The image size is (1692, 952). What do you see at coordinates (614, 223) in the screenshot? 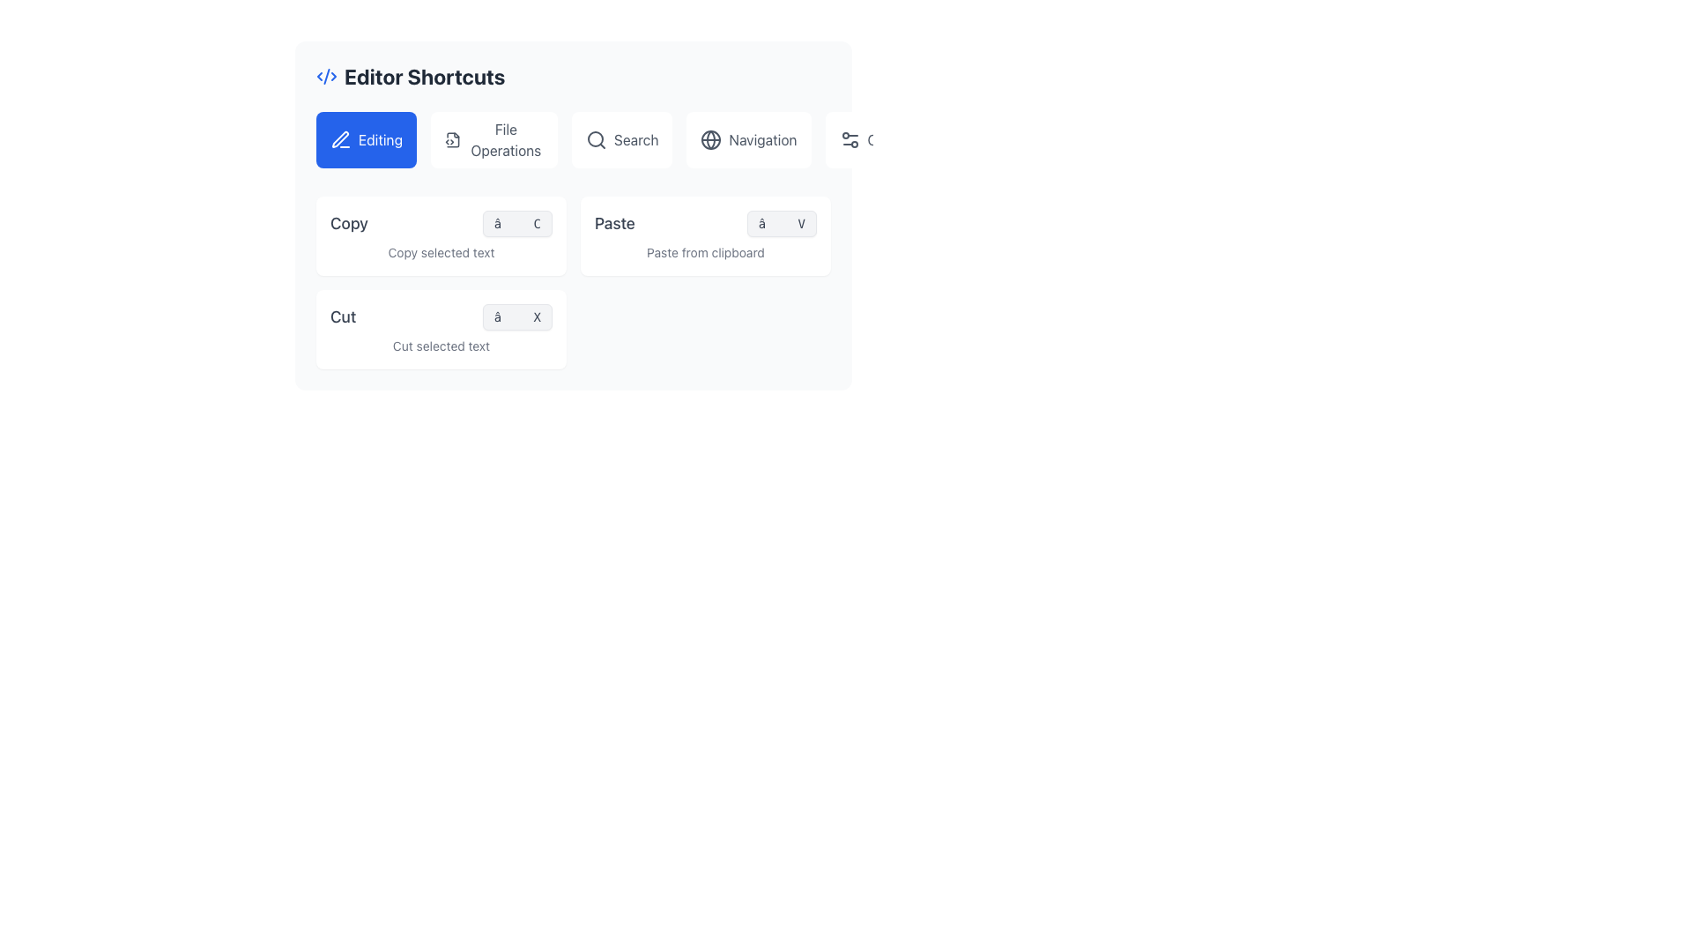
I see `text label displaying the word 'Paste', which is styled with medium font weight and gray color, located in the second row of the editor shortcuts panel under the 'Editing' section` at bounding box center [614, 223].